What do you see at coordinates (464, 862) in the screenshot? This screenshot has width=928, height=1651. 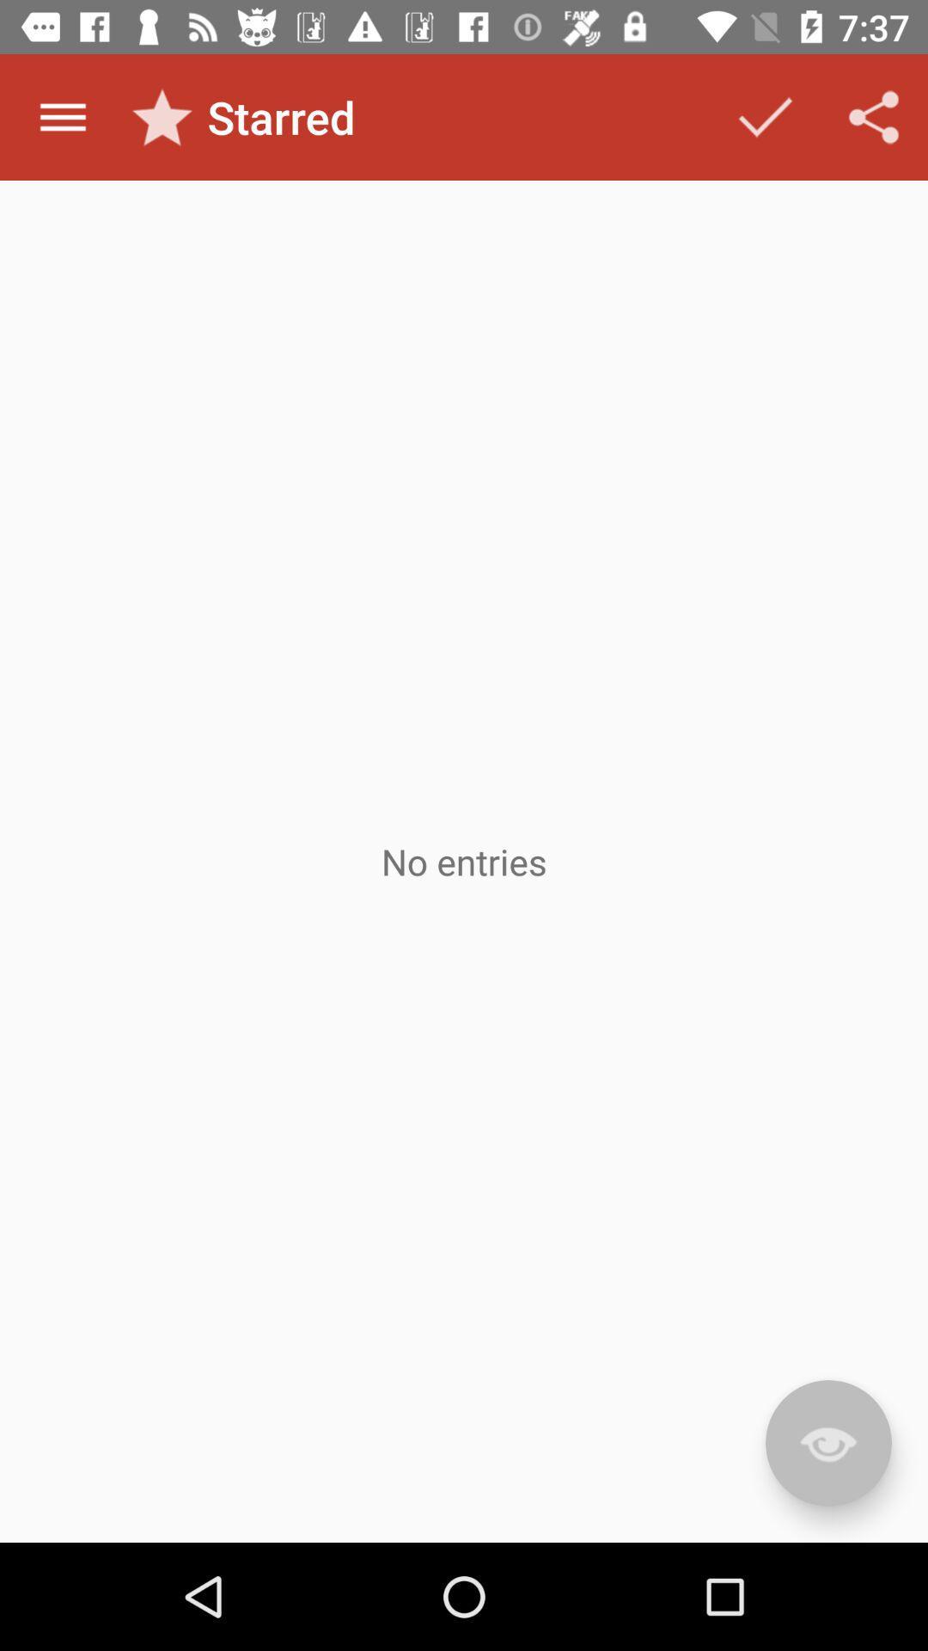 I see `no entries item` at bounding box center [464, 862].